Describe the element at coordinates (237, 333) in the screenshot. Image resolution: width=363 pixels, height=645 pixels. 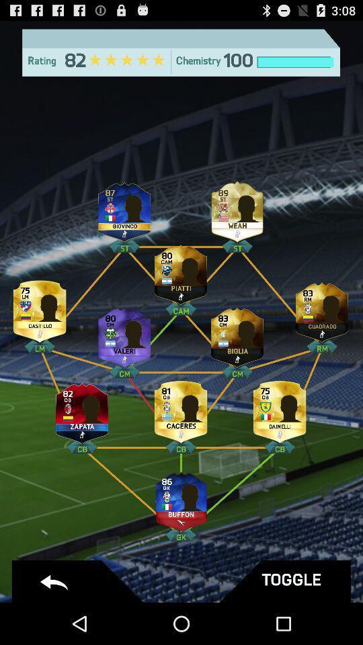
I see `the player for more details on him` at that location.